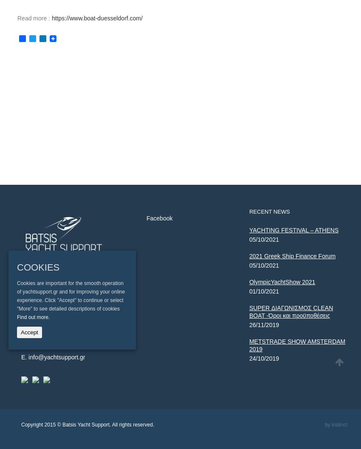 This screenshot has height=449, width=361. Describe the element at coordinates (53, 356) in the screenshot. I see `'E. info@yachtsupport.gr'` at that location.